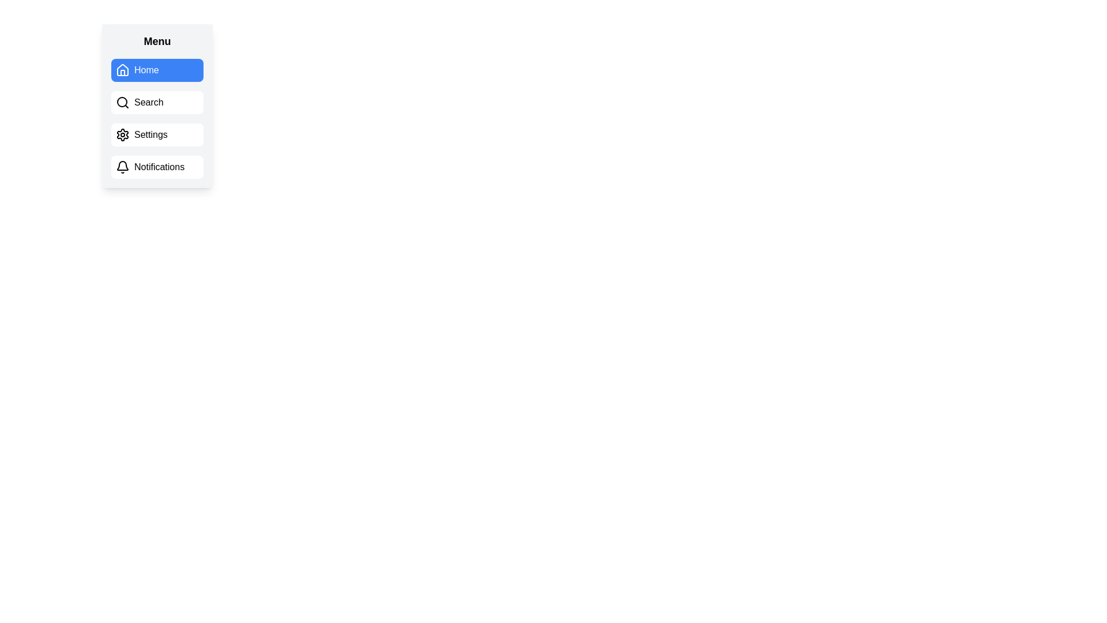 The height and width of the screenshot is (623, 1107). I want to click on the decorative search icon located to the left of the 'Search' text label in the navigation menu, so click(122, 102).